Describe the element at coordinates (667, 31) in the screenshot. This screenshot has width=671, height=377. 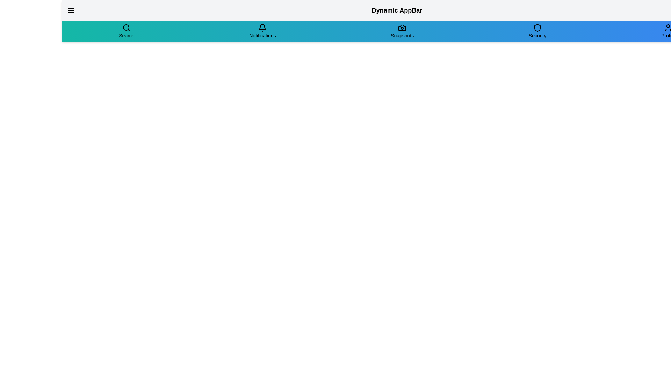
I see `the navigation item labeled Profile` at that location.